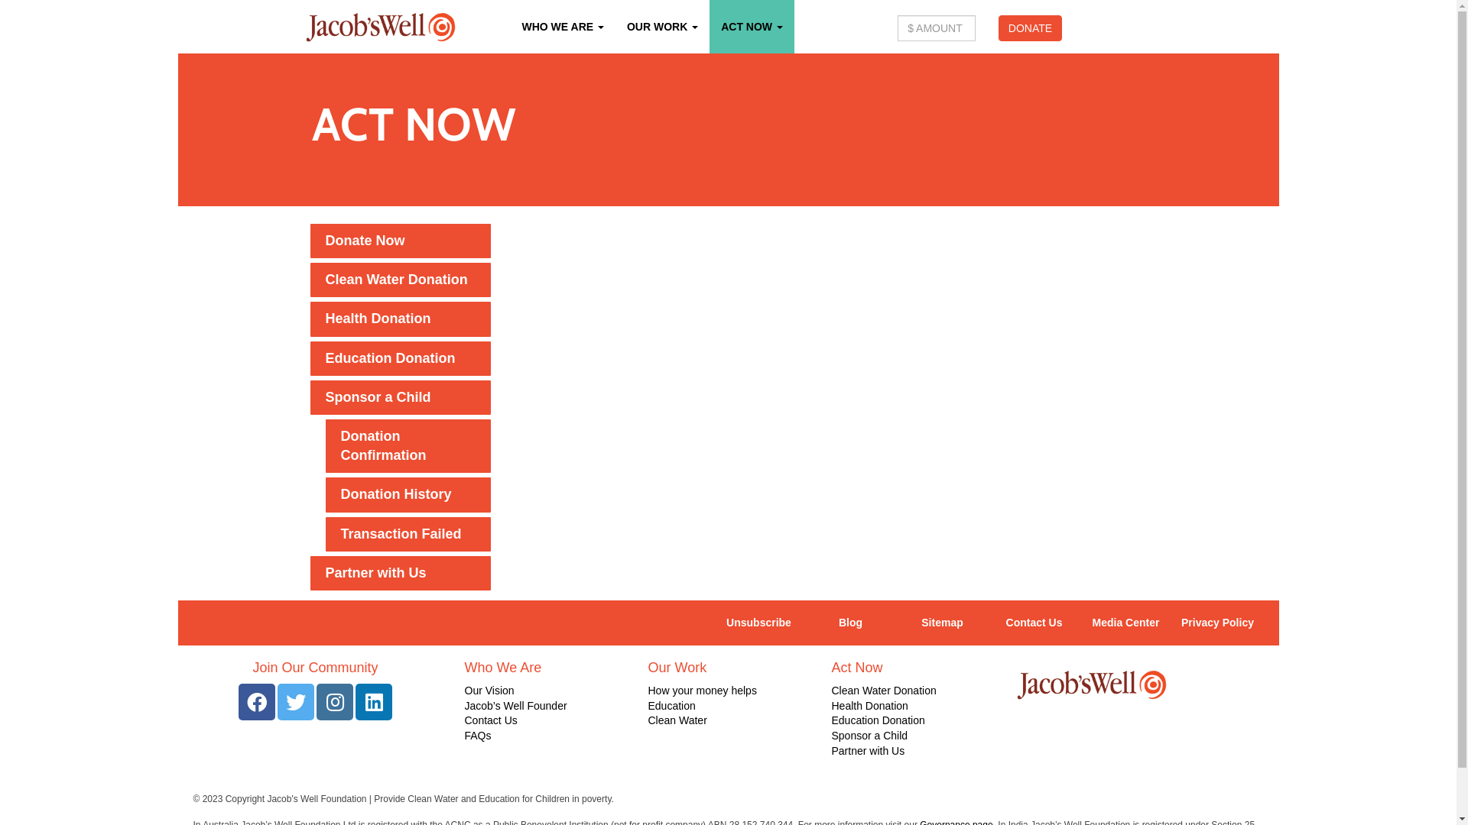 The height and width of the screenshot is (825, 1468). Describe the element at coordinates (1170, 623) in the screenshot. I see `'Privacy Policy'` at that location.